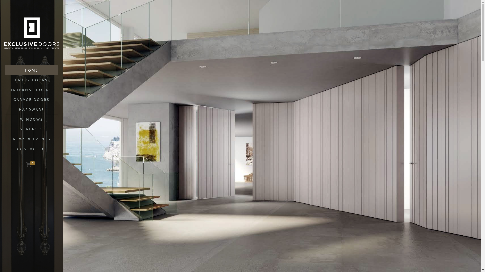  Describe the element at coordinates (31, 80) in the screenshot. I see `'ENTRY DOORS'` at that location.